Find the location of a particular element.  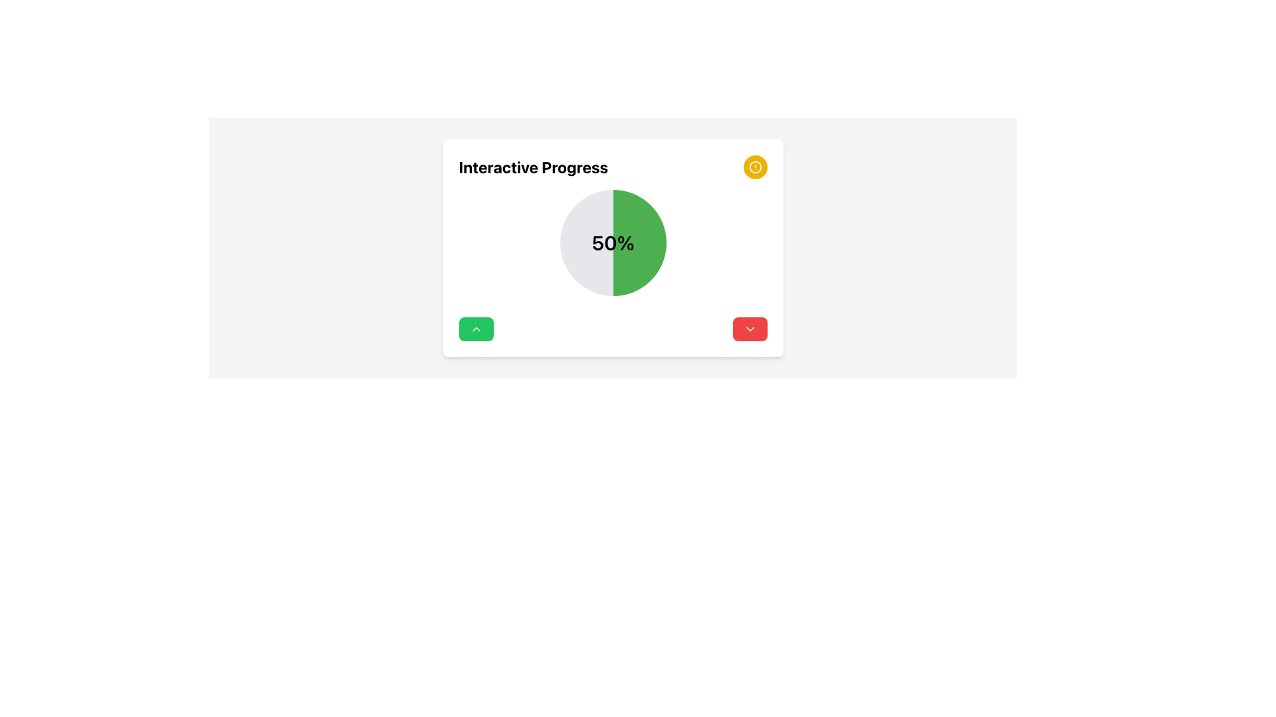

the text label indicating the percentage value within the circular progress indicator on the 'Interactive Progress' card is located at coordinates (612, 243).